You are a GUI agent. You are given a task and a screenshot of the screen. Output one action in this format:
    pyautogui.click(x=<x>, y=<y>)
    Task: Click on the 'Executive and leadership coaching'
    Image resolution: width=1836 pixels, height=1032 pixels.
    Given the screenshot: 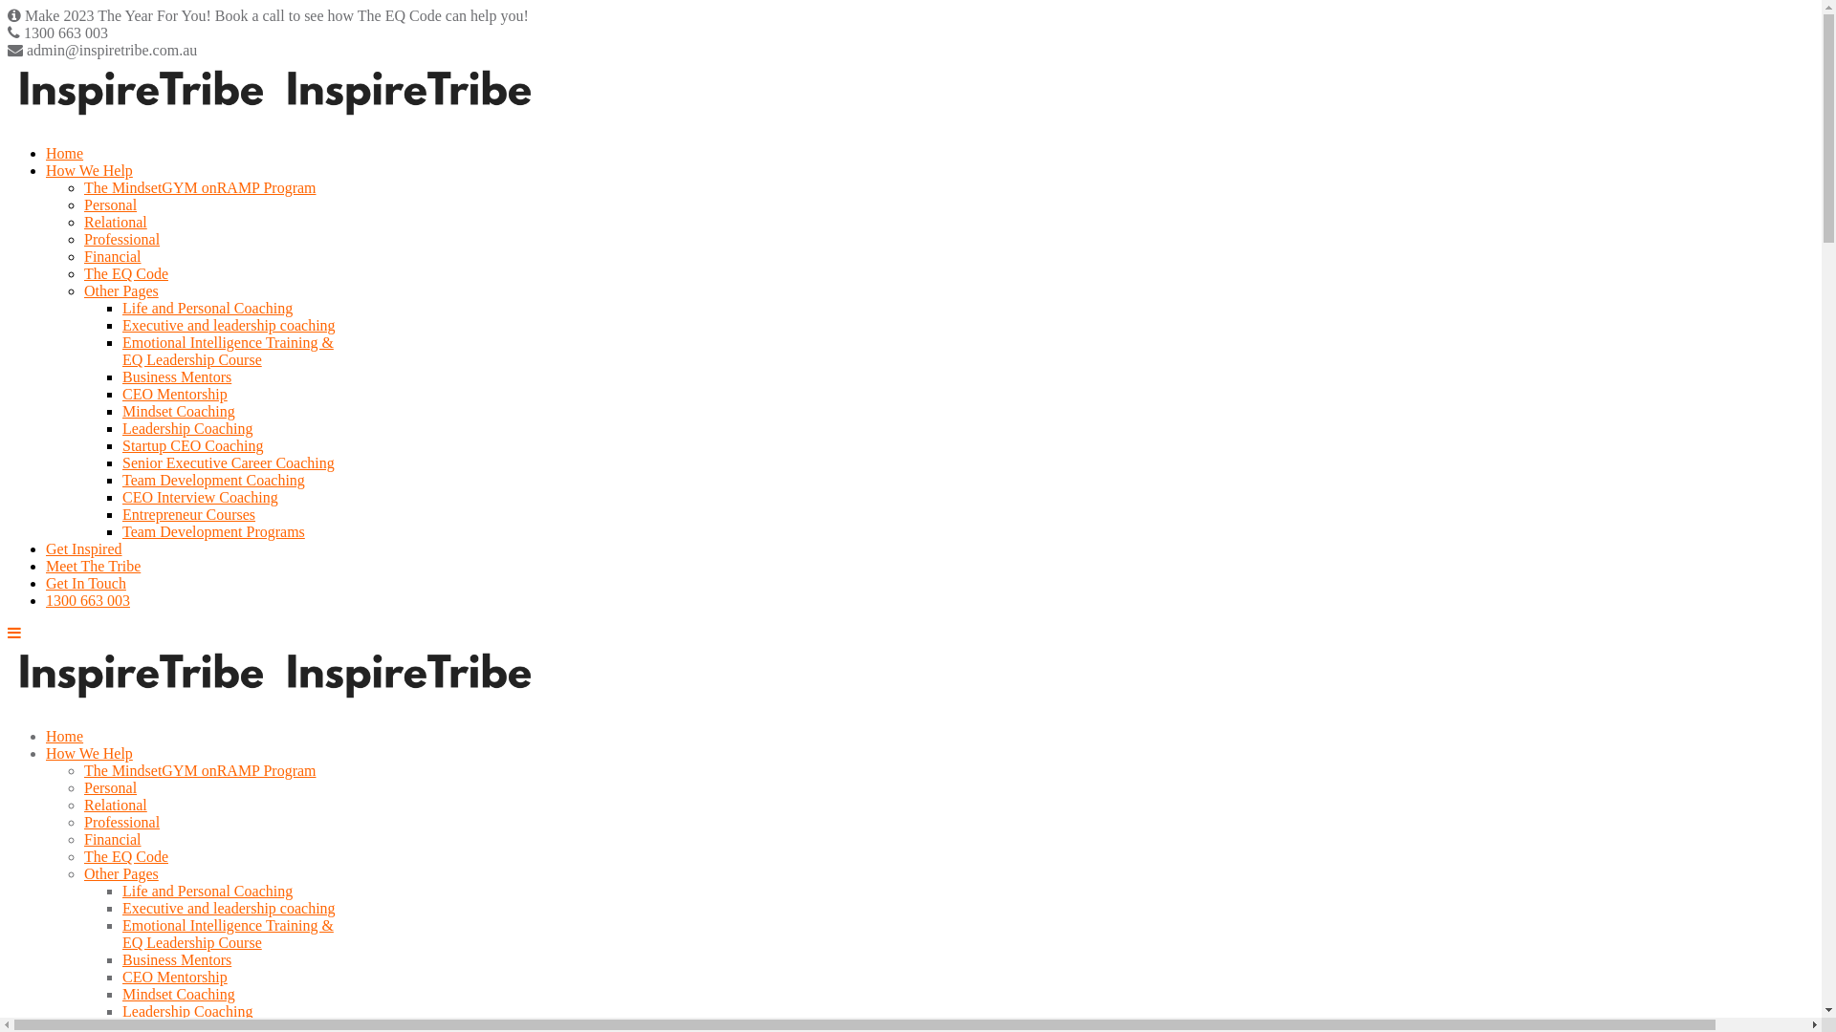 What is the action you would take?
    pyautogui.click(x=229, y=324)
    